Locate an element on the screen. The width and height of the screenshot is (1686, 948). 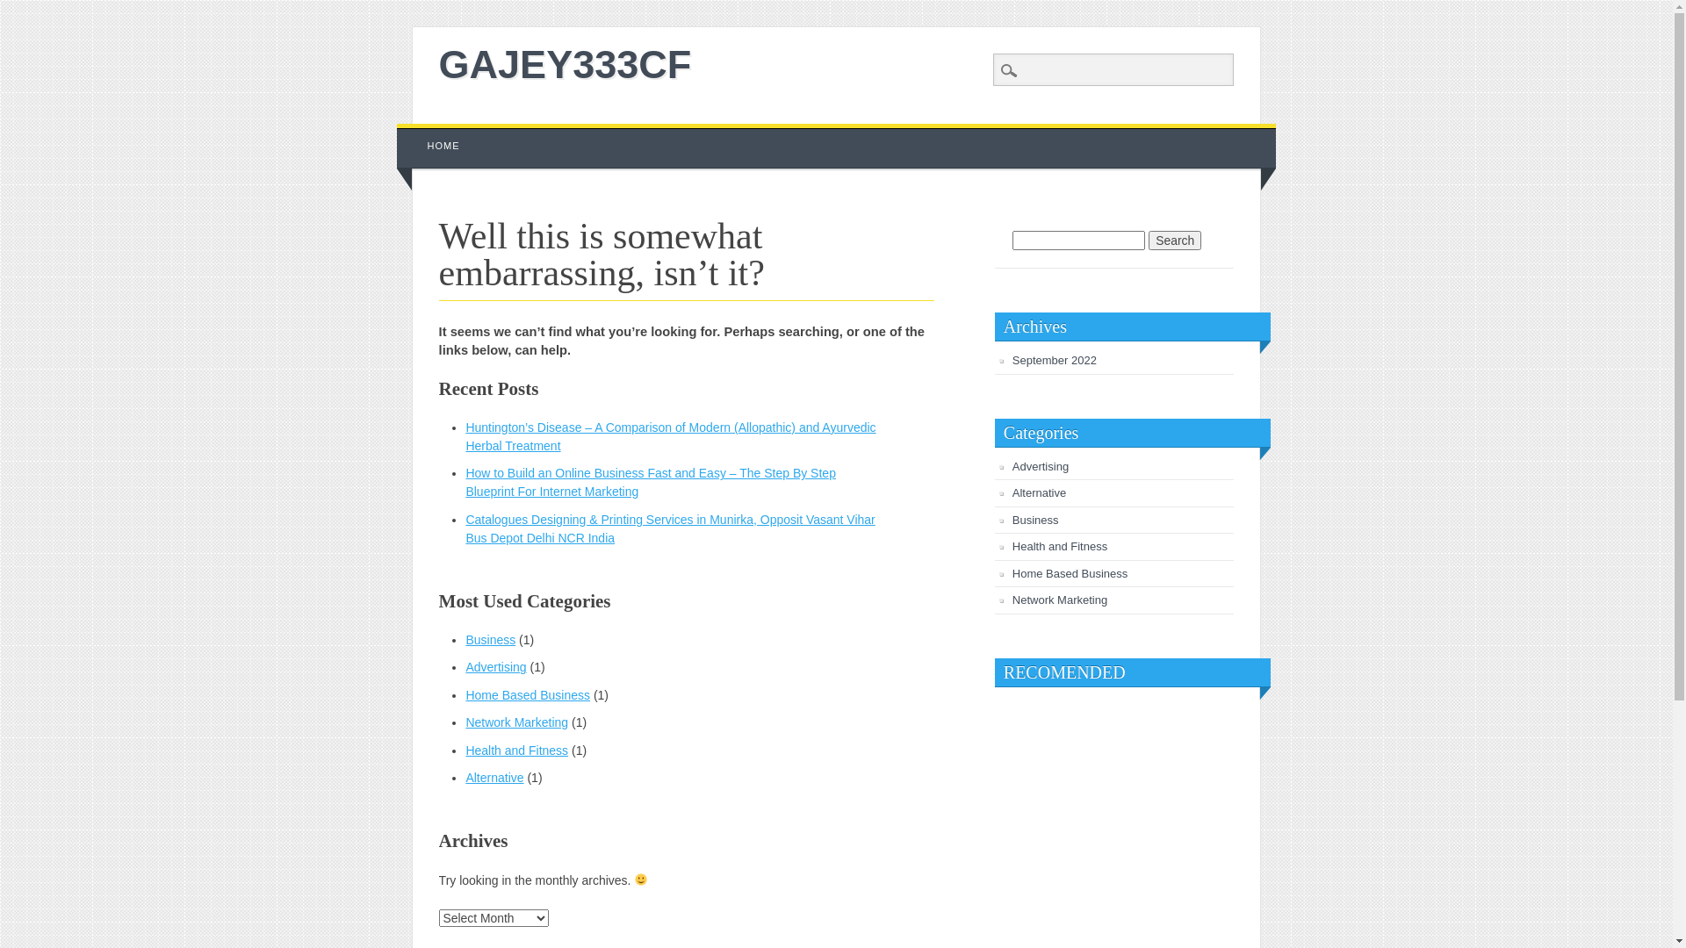
'Health and Fitness' is located at coordinates (1058, 545).